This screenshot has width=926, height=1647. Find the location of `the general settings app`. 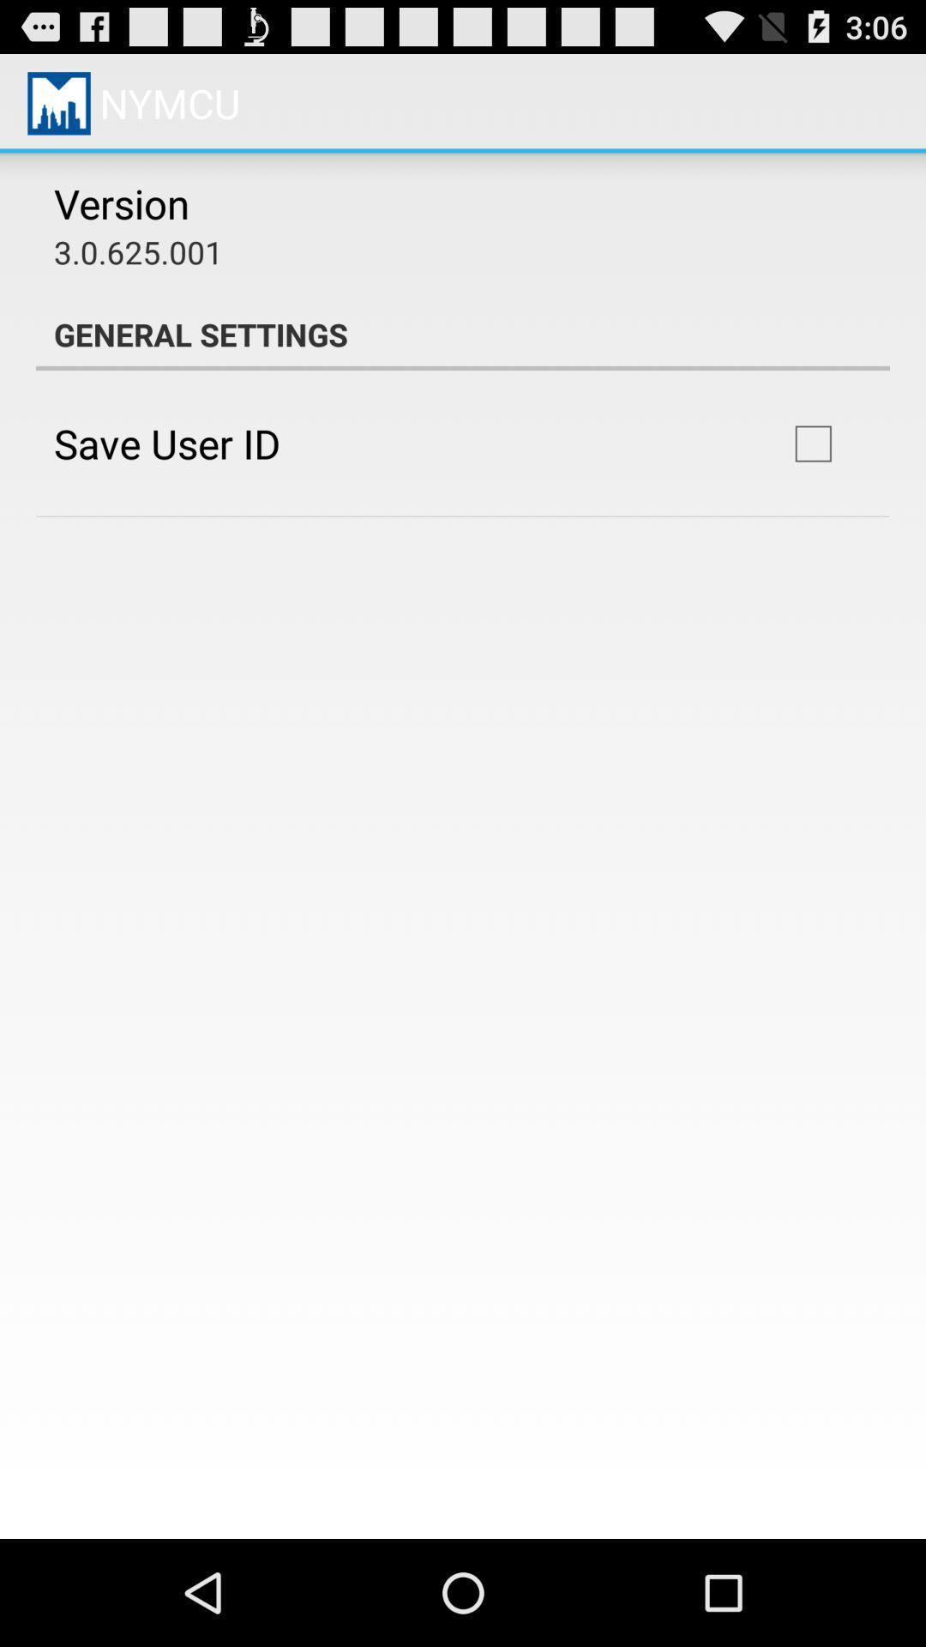

the general settings app is located at coordinates (463, 334).